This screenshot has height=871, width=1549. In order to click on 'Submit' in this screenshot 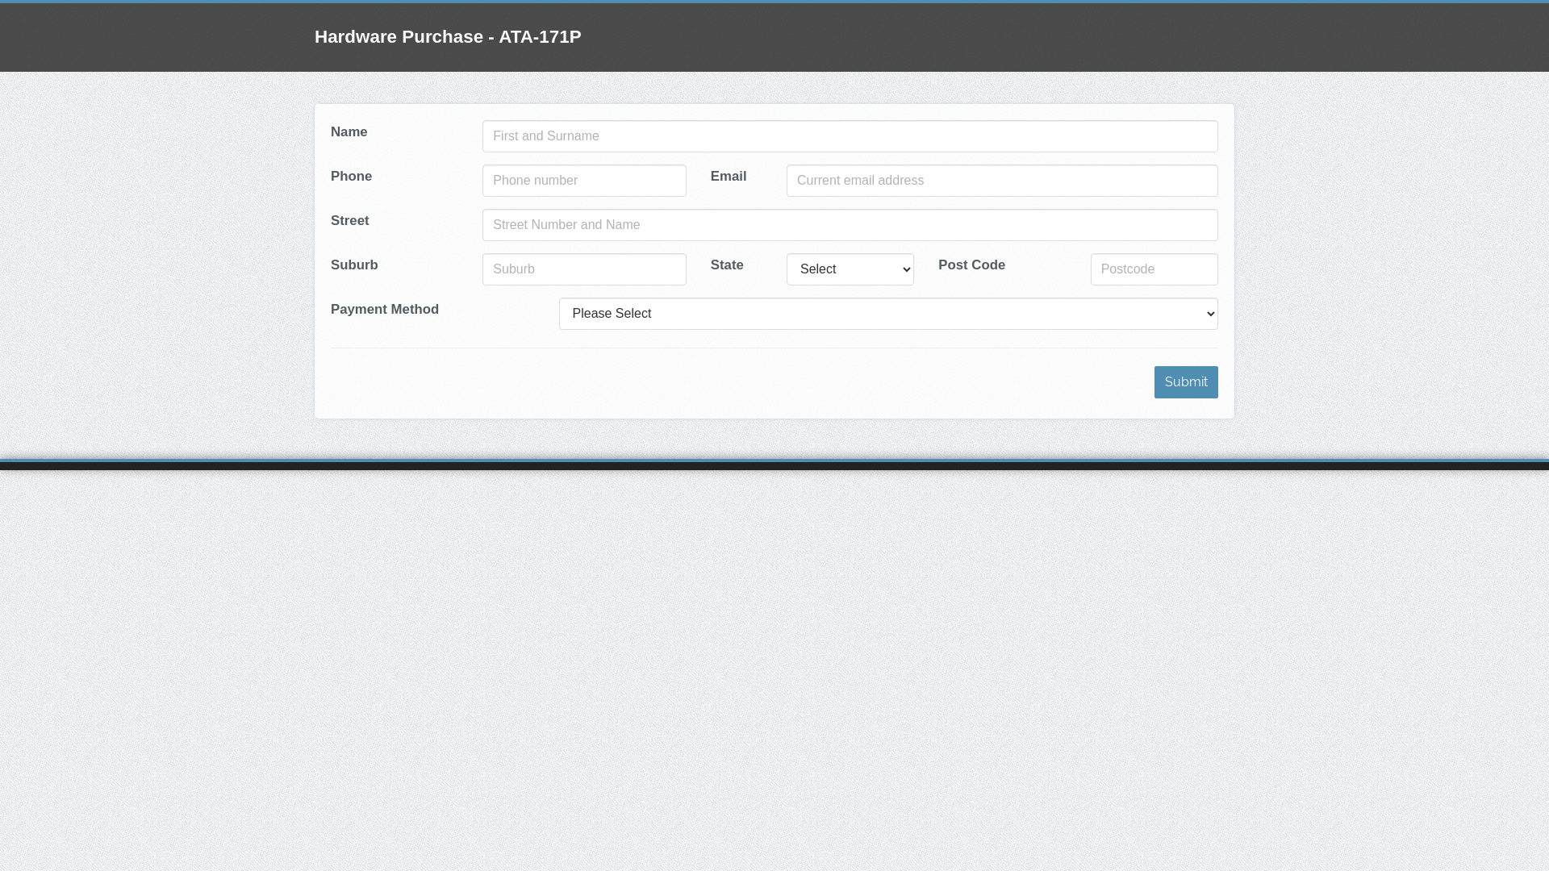, I will do `click(1186, 382)`.